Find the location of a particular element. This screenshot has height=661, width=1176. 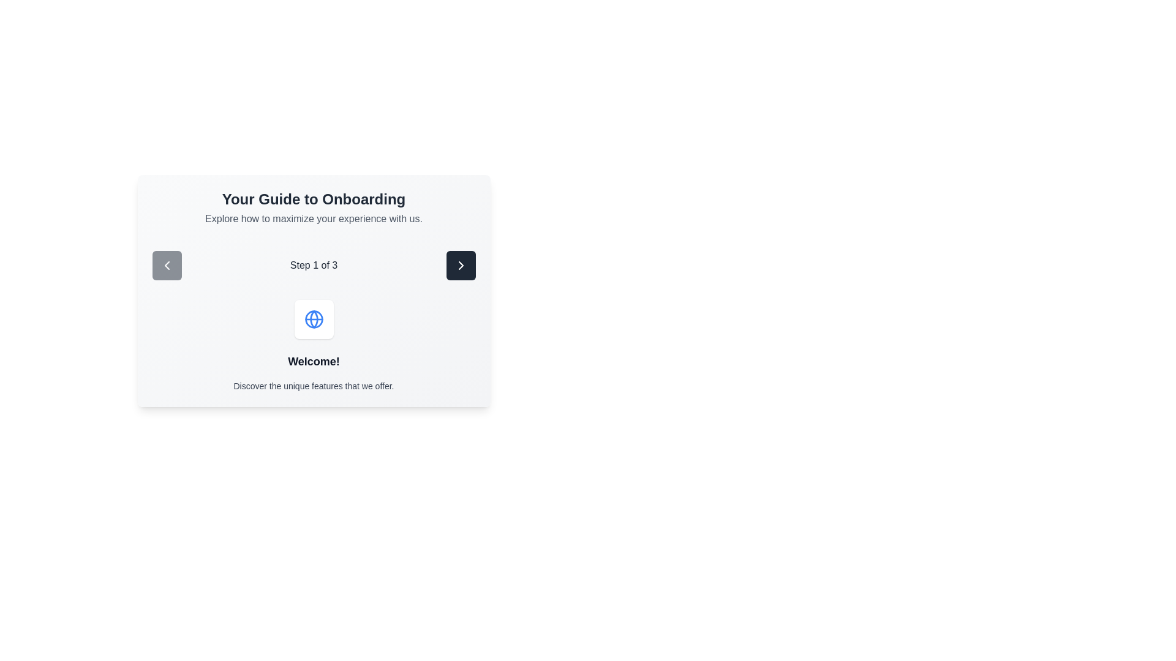

the circular button containing the chevron-right SVG icon, which is located on the right side of the navigation step interface, to trigger a visual response is located at coordinates (460, 265).